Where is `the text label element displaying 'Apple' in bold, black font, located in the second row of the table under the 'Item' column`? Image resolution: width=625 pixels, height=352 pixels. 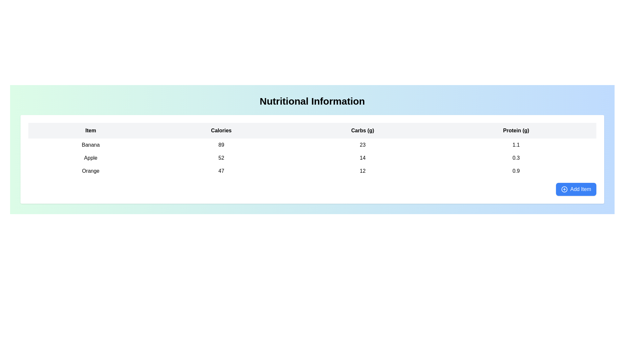 the text label element displaying 'Apple' in bold, black font, located in the second row of the table under the 'Item' column is located at coordinates (90, 158).